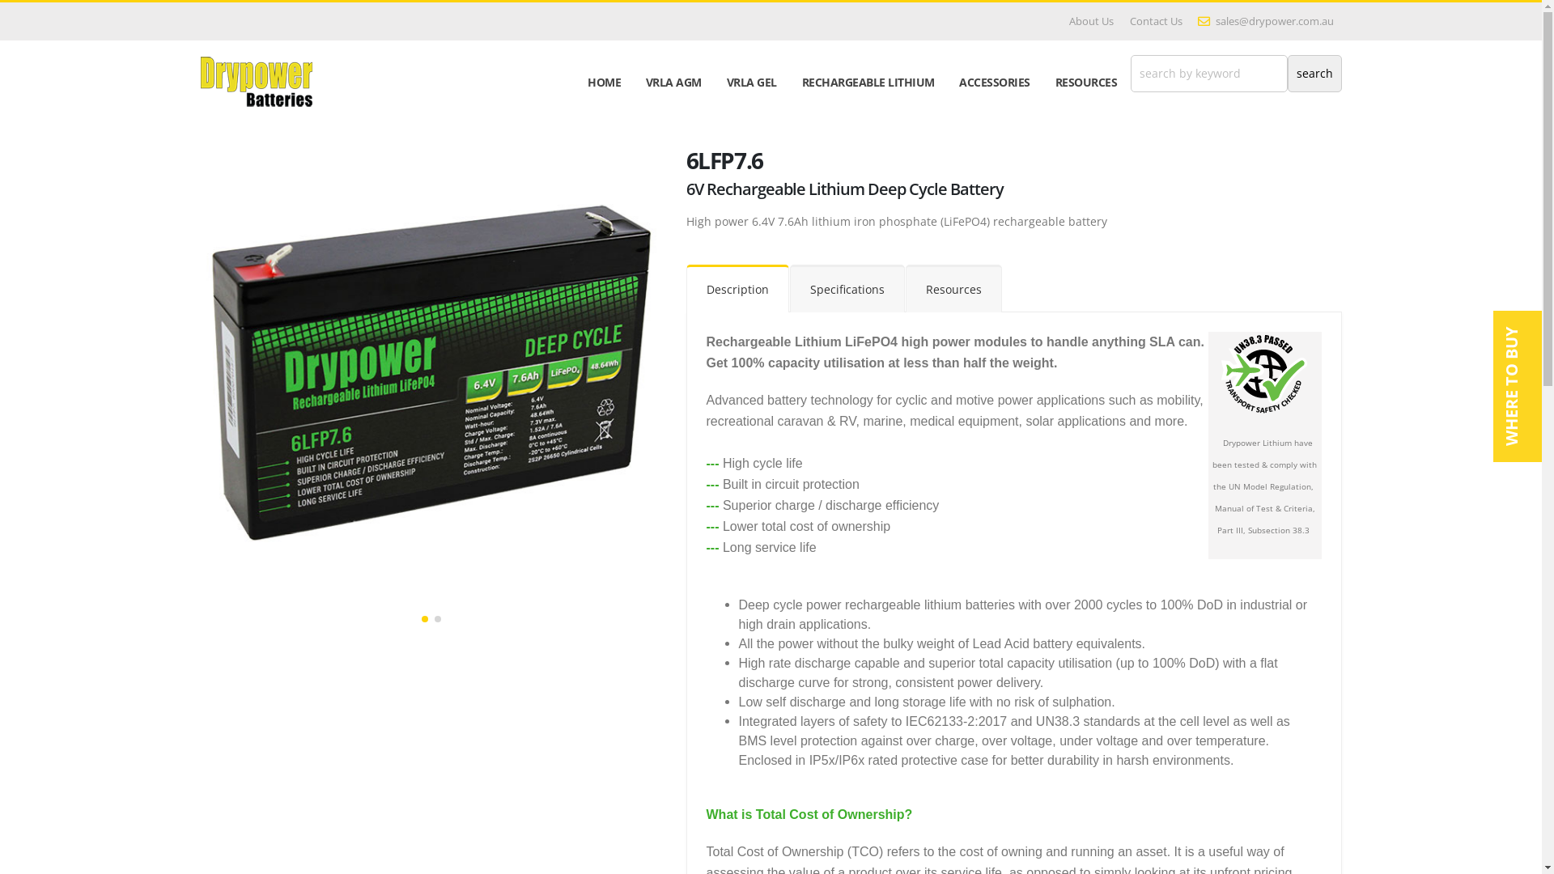 Image resolution: width=1554 pixels, height=874 pixels. I want to click on 'sales@drypower.com.au', so click(1264, 21).